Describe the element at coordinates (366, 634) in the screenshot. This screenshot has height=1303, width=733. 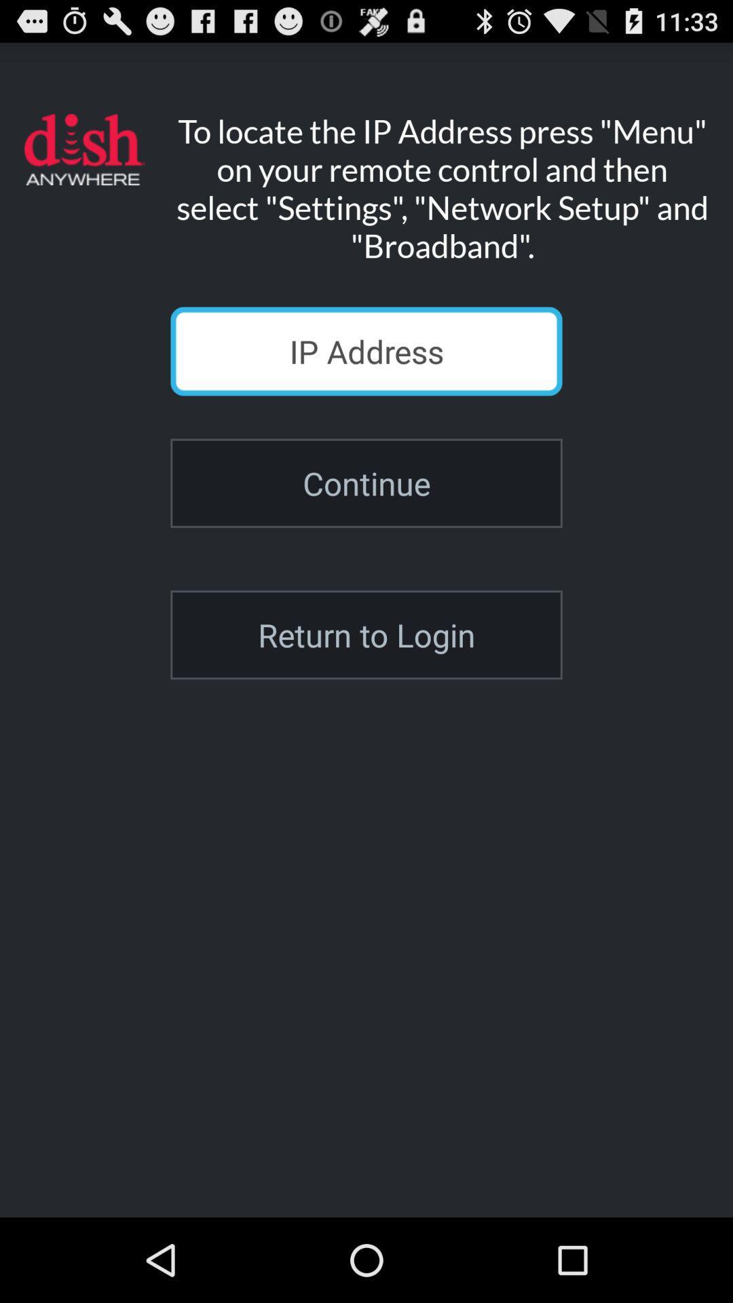
I see `icon below the continue icon` at that location.